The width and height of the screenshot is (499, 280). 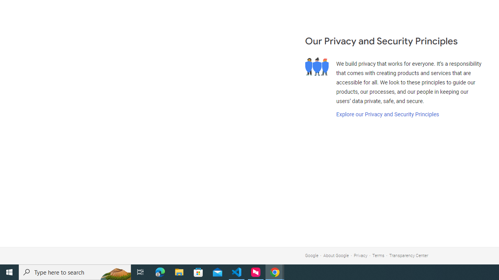 What do you see at coordinates (387, 114) in the screenshot?
I see `'Explore our Privacy and Security Principles'` at bounding box center [387, 114].